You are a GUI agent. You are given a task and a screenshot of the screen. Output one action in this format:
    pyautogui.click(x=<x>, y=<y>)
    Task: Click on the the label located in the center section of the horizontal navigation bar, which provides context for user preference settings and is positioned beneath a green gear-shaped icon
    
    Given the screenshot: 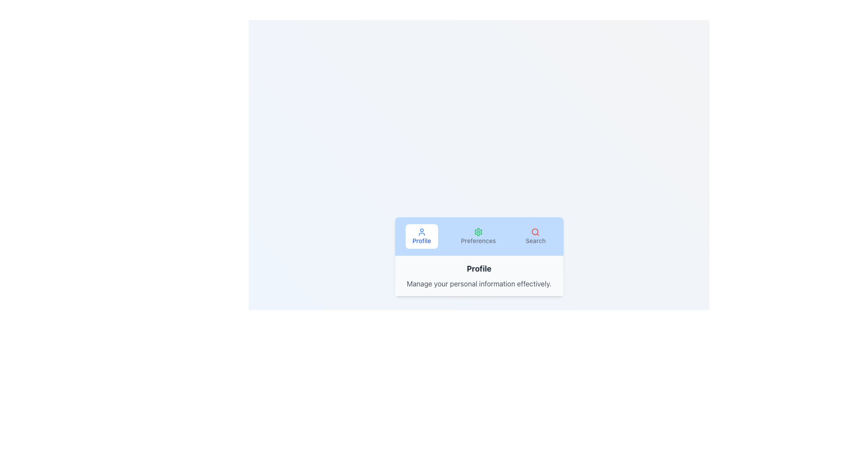 What is the action you would take?
    pyautogui.click(x=478, y=241)
    